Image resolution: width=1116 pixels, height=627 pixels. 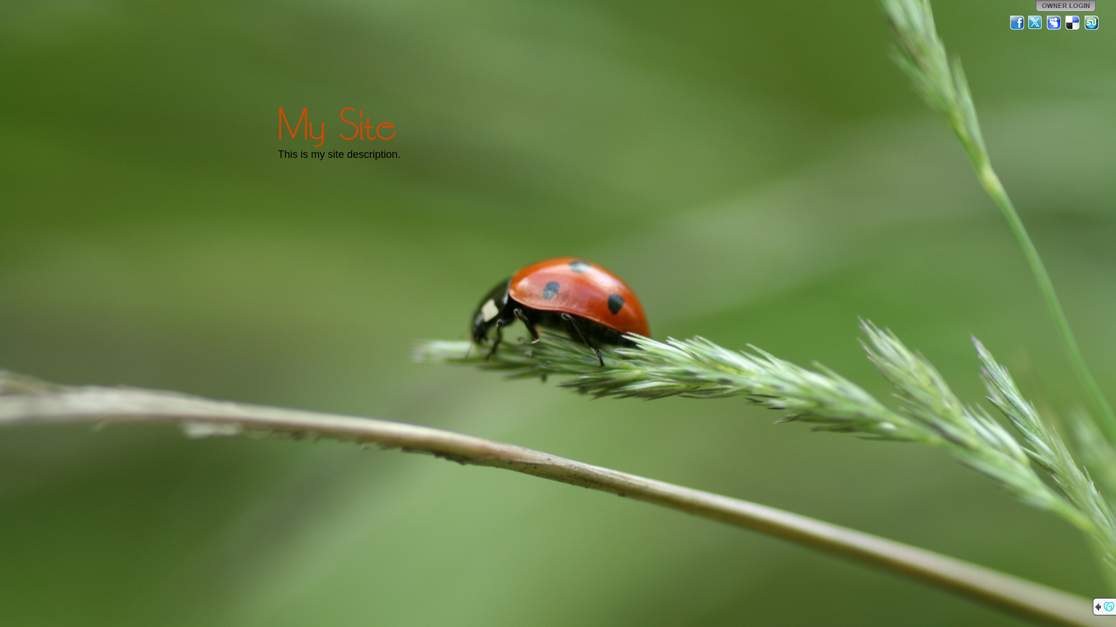 What do you see at coordinates (1065, 22) in the screenshot?
I see `'Del.icio.us'` at bounding box center [1065, 22].